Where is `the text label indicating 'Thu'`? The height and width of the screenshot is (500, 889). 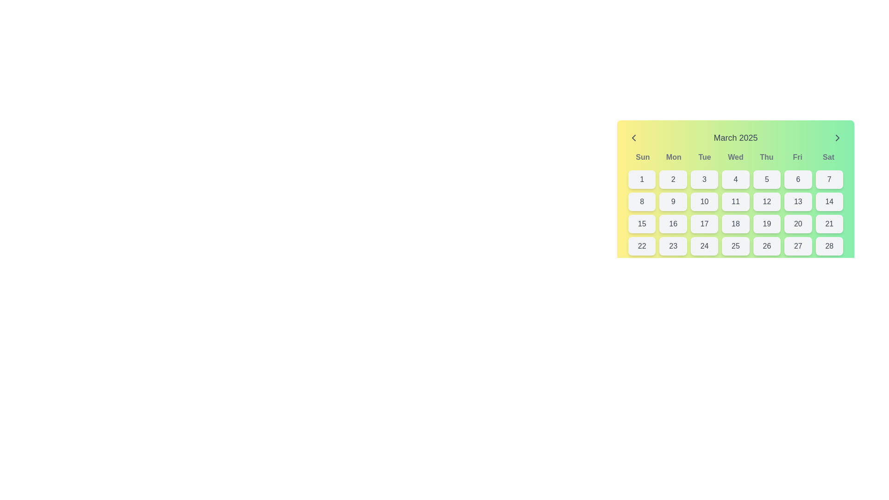 the text label indicating 'Thu' is located at coordinates (766, 156).